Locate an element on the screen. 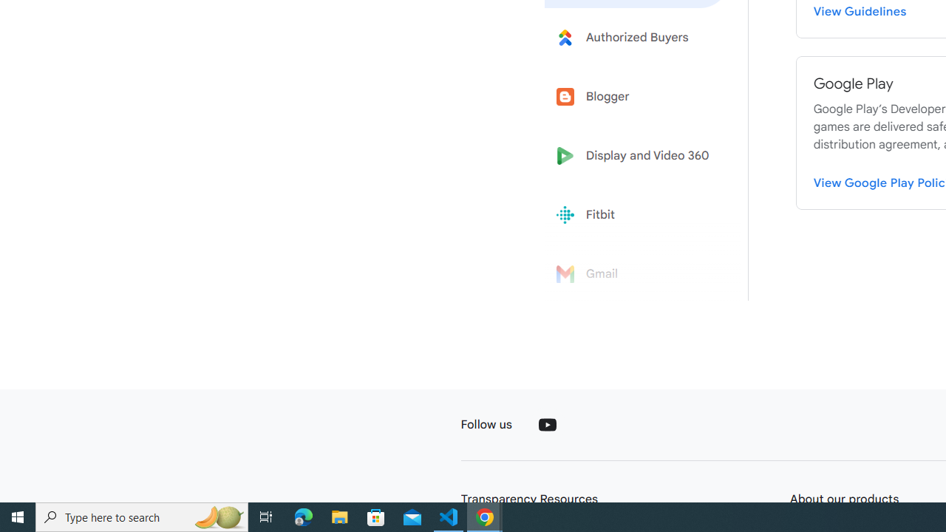 The height and width of the screenshot is (532, 946). 'Blogger' is located at coordinates (637, 97).